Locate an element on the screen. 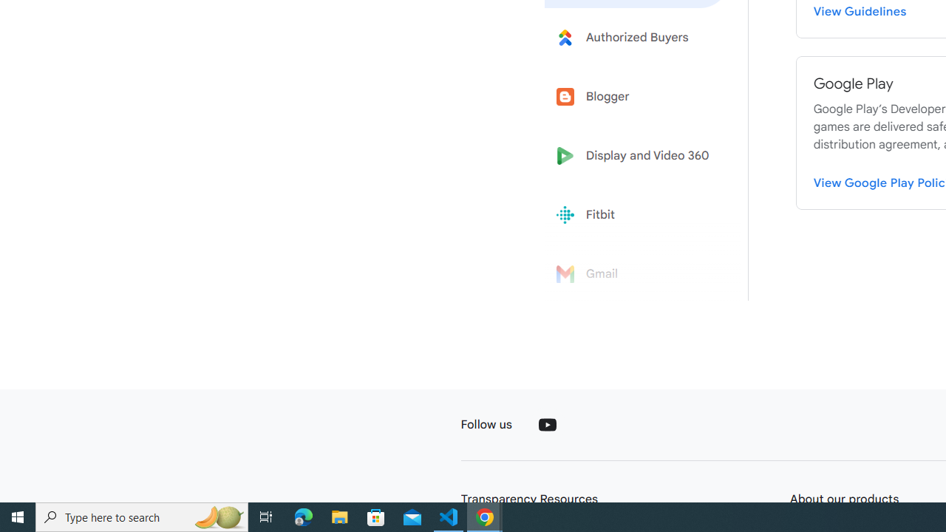 The height and width of the screenshot is (532, 946). 'Blogger' is located at coordinates (637, 97).